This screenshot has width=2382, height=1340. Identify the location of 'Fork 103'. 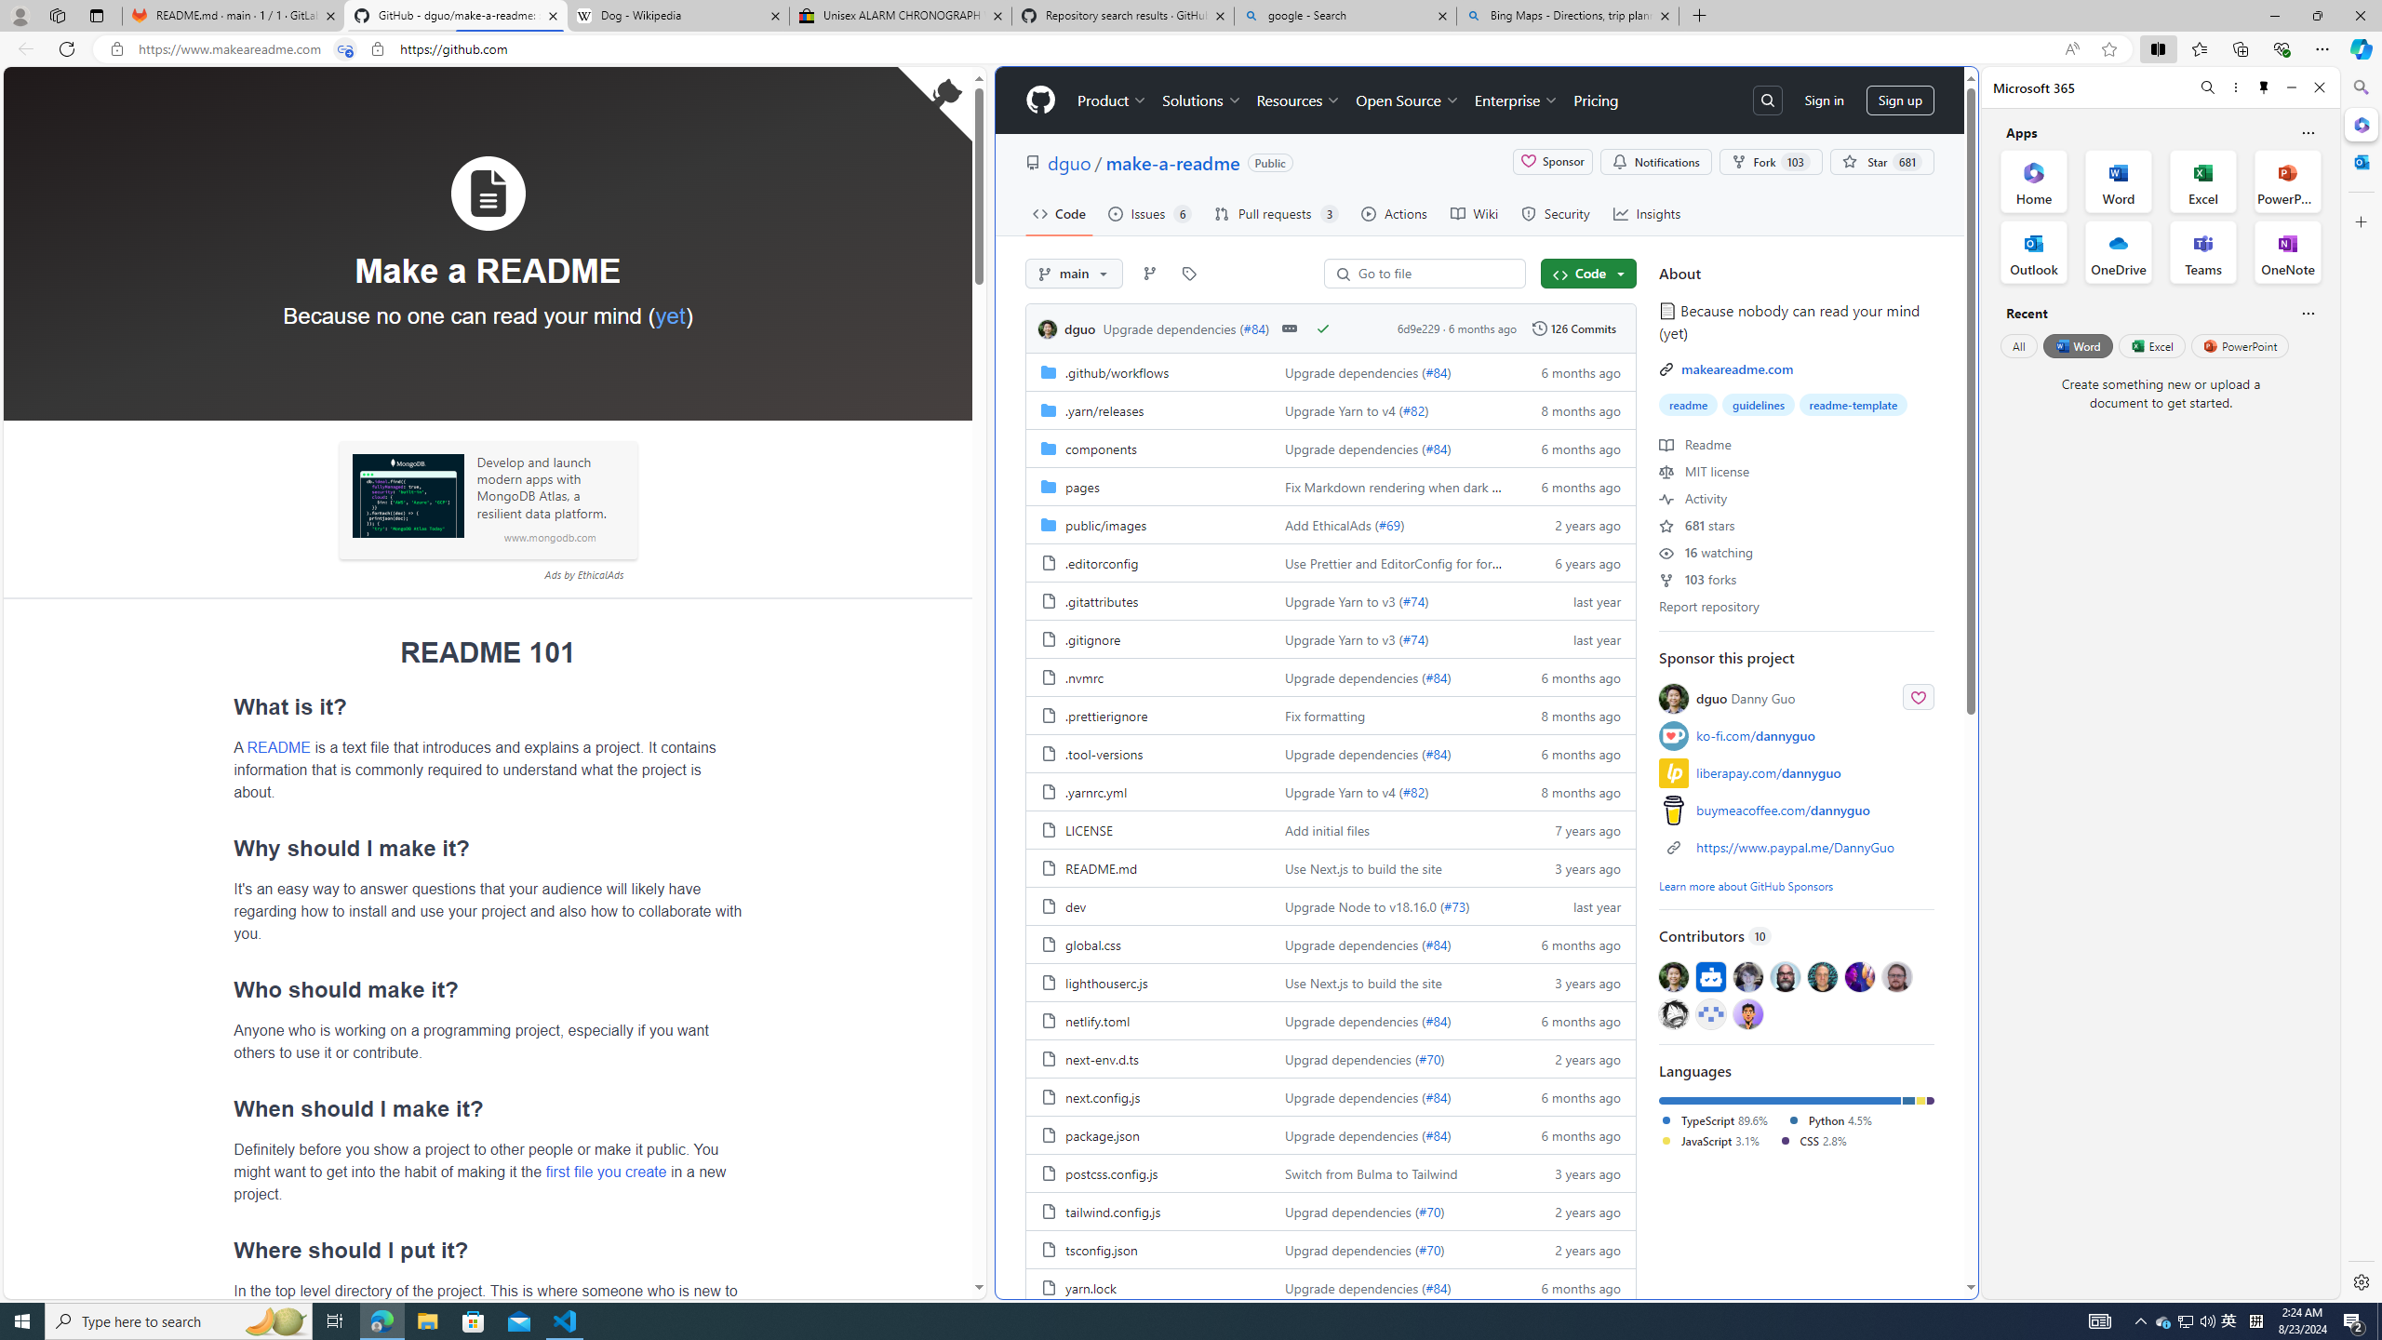
(1769, 161).